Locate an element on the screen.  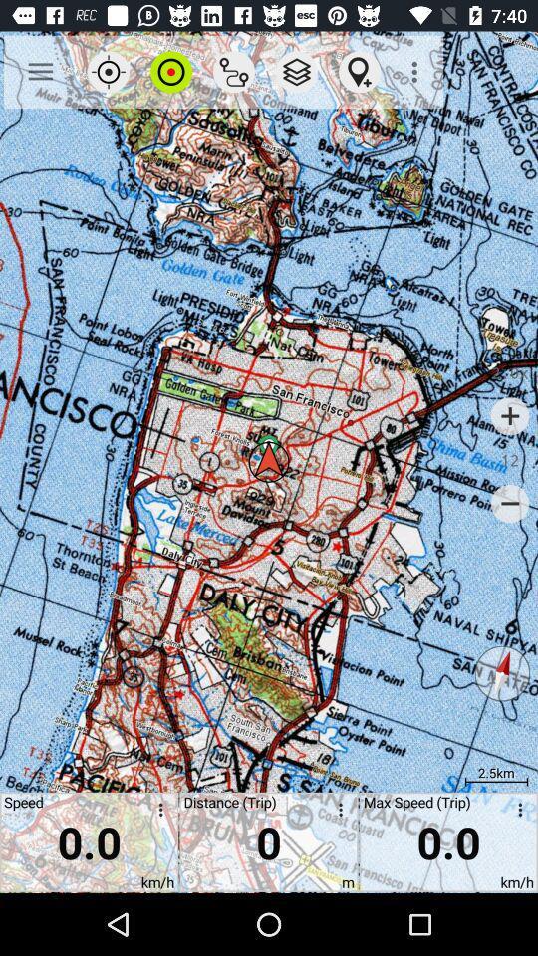
the app above distance (trip) app is located at coordinates (233, 72).